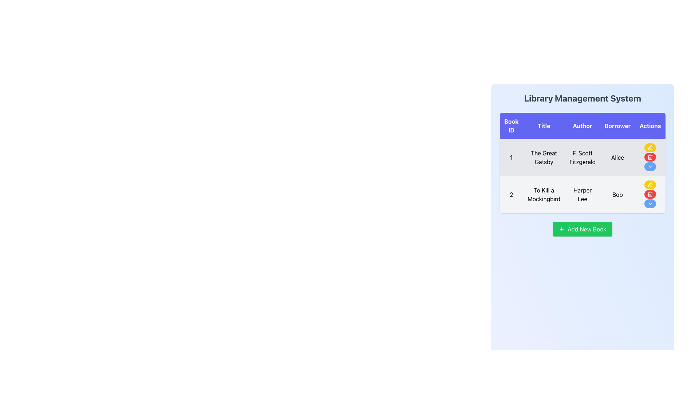 This screenshot has height=393, width=699. I want to click on the 'Authors' text label, which is the third column heading in a five-column table header, located between 'Title' and 'Borrower', so click(582, 126).